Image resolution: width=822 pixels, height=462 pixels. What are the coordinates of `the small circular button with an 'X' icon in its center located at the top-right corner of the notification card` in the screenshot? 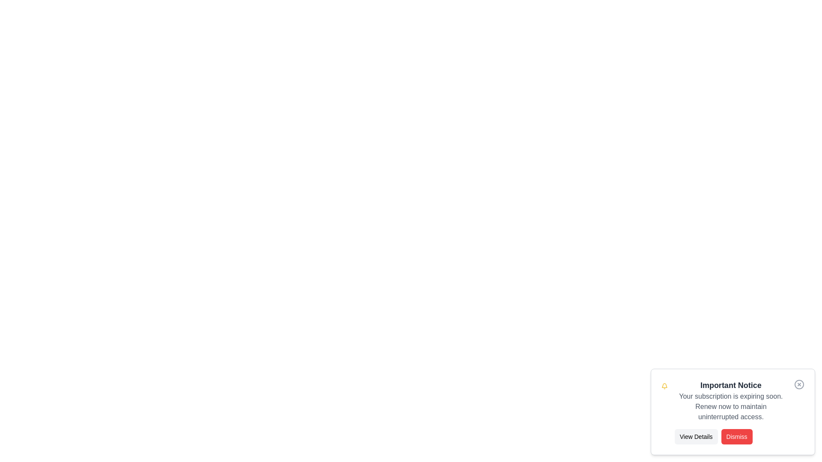 It's located at (799, 384).